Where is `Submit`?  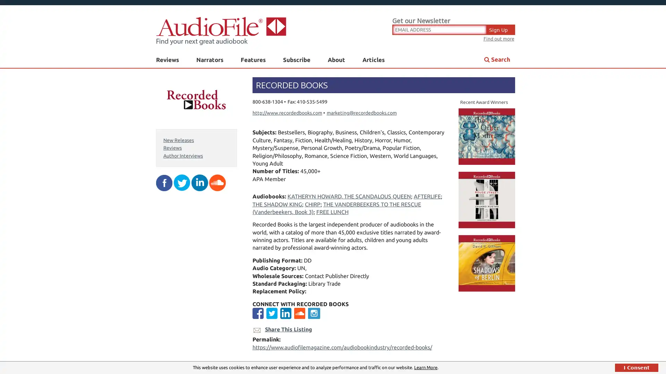
Submit is located at coordinates (402, 152).